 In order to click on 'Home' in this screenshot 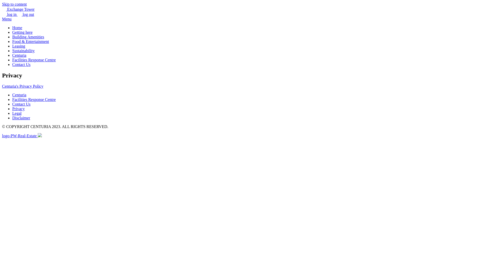, I will do `click(12, 28)`.